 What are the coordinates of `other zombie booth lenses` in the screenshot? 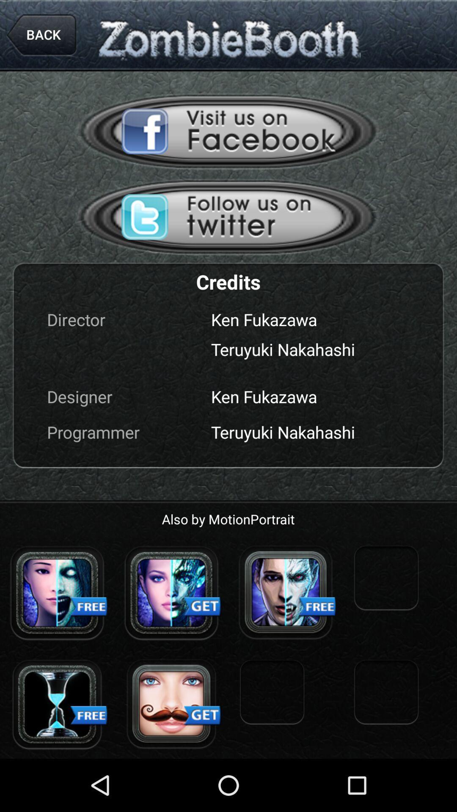 It's located at (286, 592).